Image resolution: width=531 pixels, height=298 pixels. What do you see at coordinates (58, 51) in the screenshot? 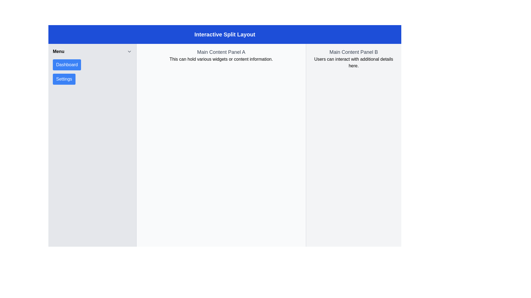
I see `the Text Label indicating the presence of menu options in the sidebar, located in the top-left portion of the interface` at bounding box center [58, 51].